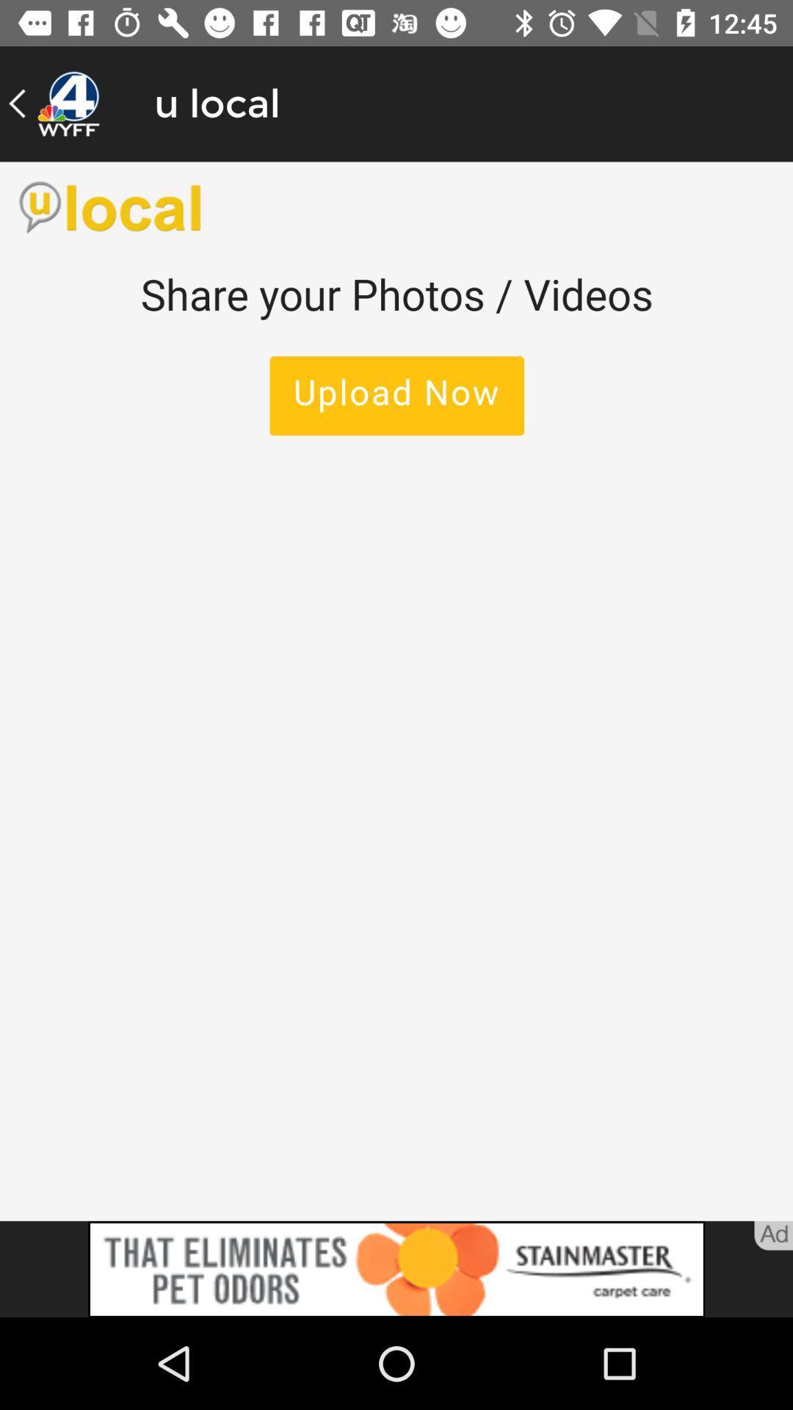 This screenshot has height=1410, width=793. I want to click on advertisement, so click(396, 1268).